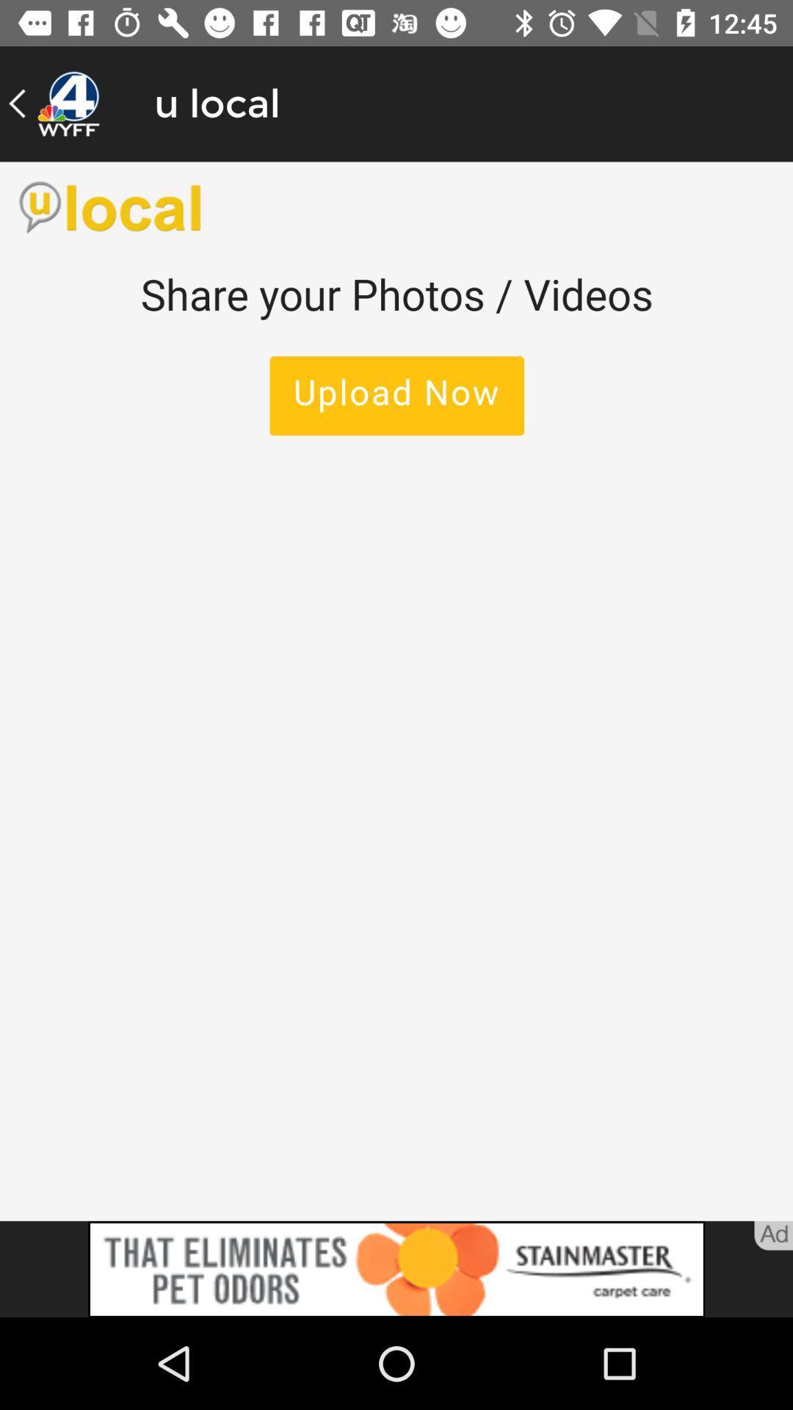 This screenshot has height=1410, width=793. I want to click on advertisement, so click(396, 1268).